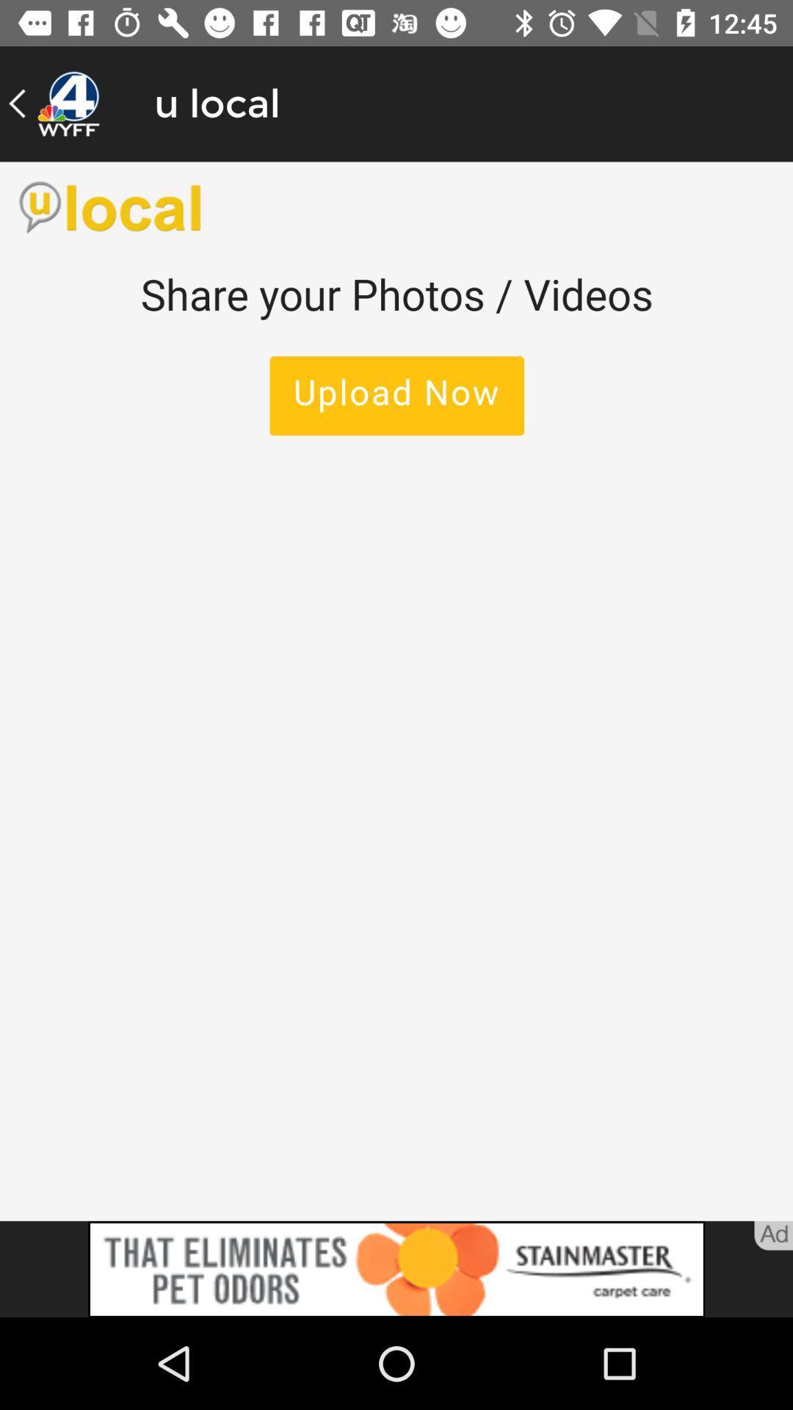 This screenshot has height=1410, width=793. I want to click on advertisement, so click(396, 1268).